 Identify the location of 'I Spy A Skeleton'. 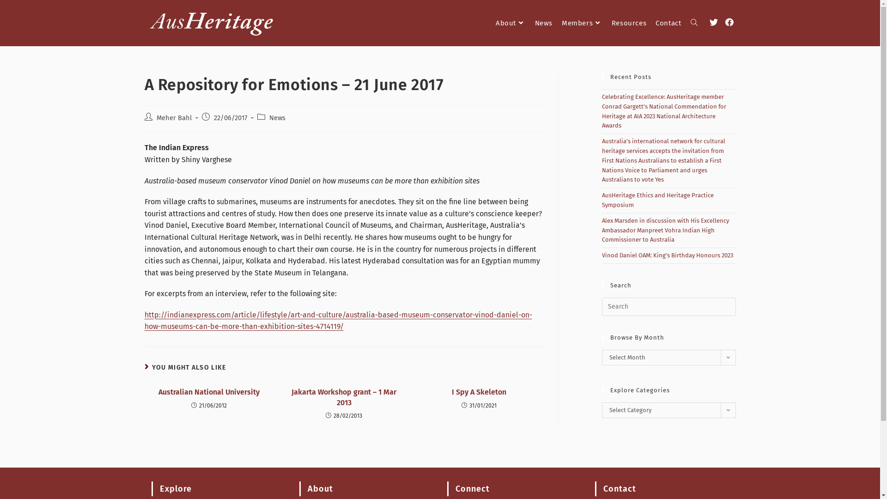
(479, 392).